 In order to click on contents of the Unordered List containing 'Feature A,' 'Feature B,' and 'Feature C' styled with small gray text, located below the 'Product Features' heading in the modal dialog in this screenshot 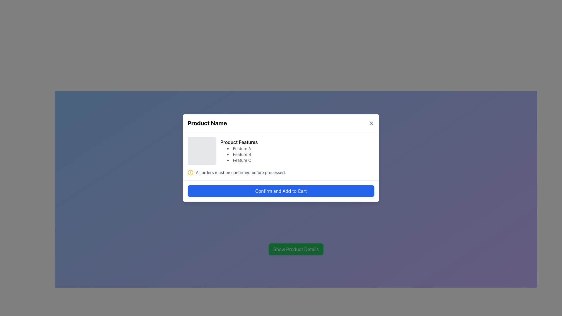, I will do `click(239, 154)`.